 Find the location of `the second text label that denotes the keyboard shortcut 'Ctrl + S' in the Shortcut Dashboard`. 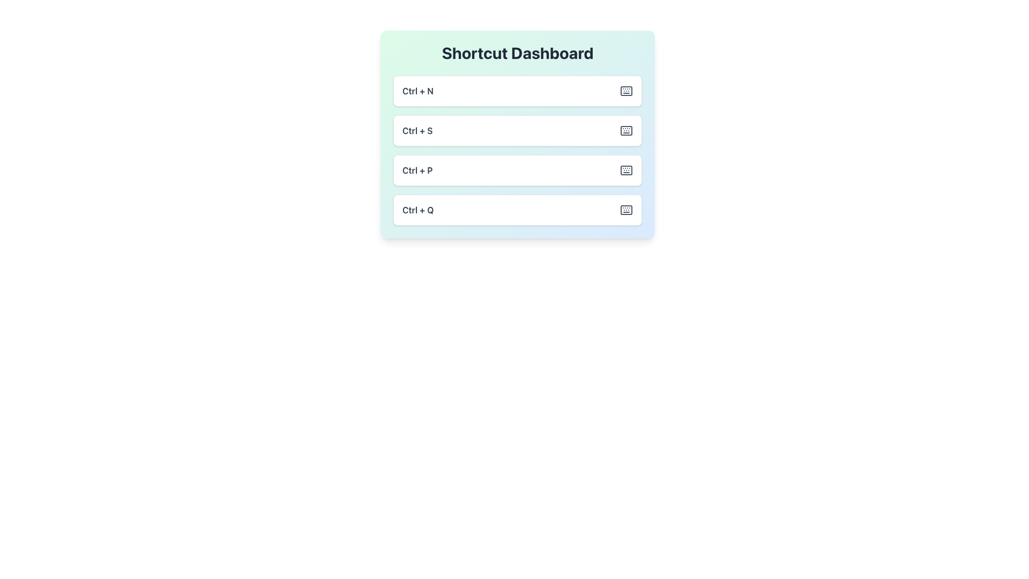

the second text label that denotes the keyboard shortcut 'Ctrl + S' in the Shortcut Dashboard is located at coordinates (417, 130).